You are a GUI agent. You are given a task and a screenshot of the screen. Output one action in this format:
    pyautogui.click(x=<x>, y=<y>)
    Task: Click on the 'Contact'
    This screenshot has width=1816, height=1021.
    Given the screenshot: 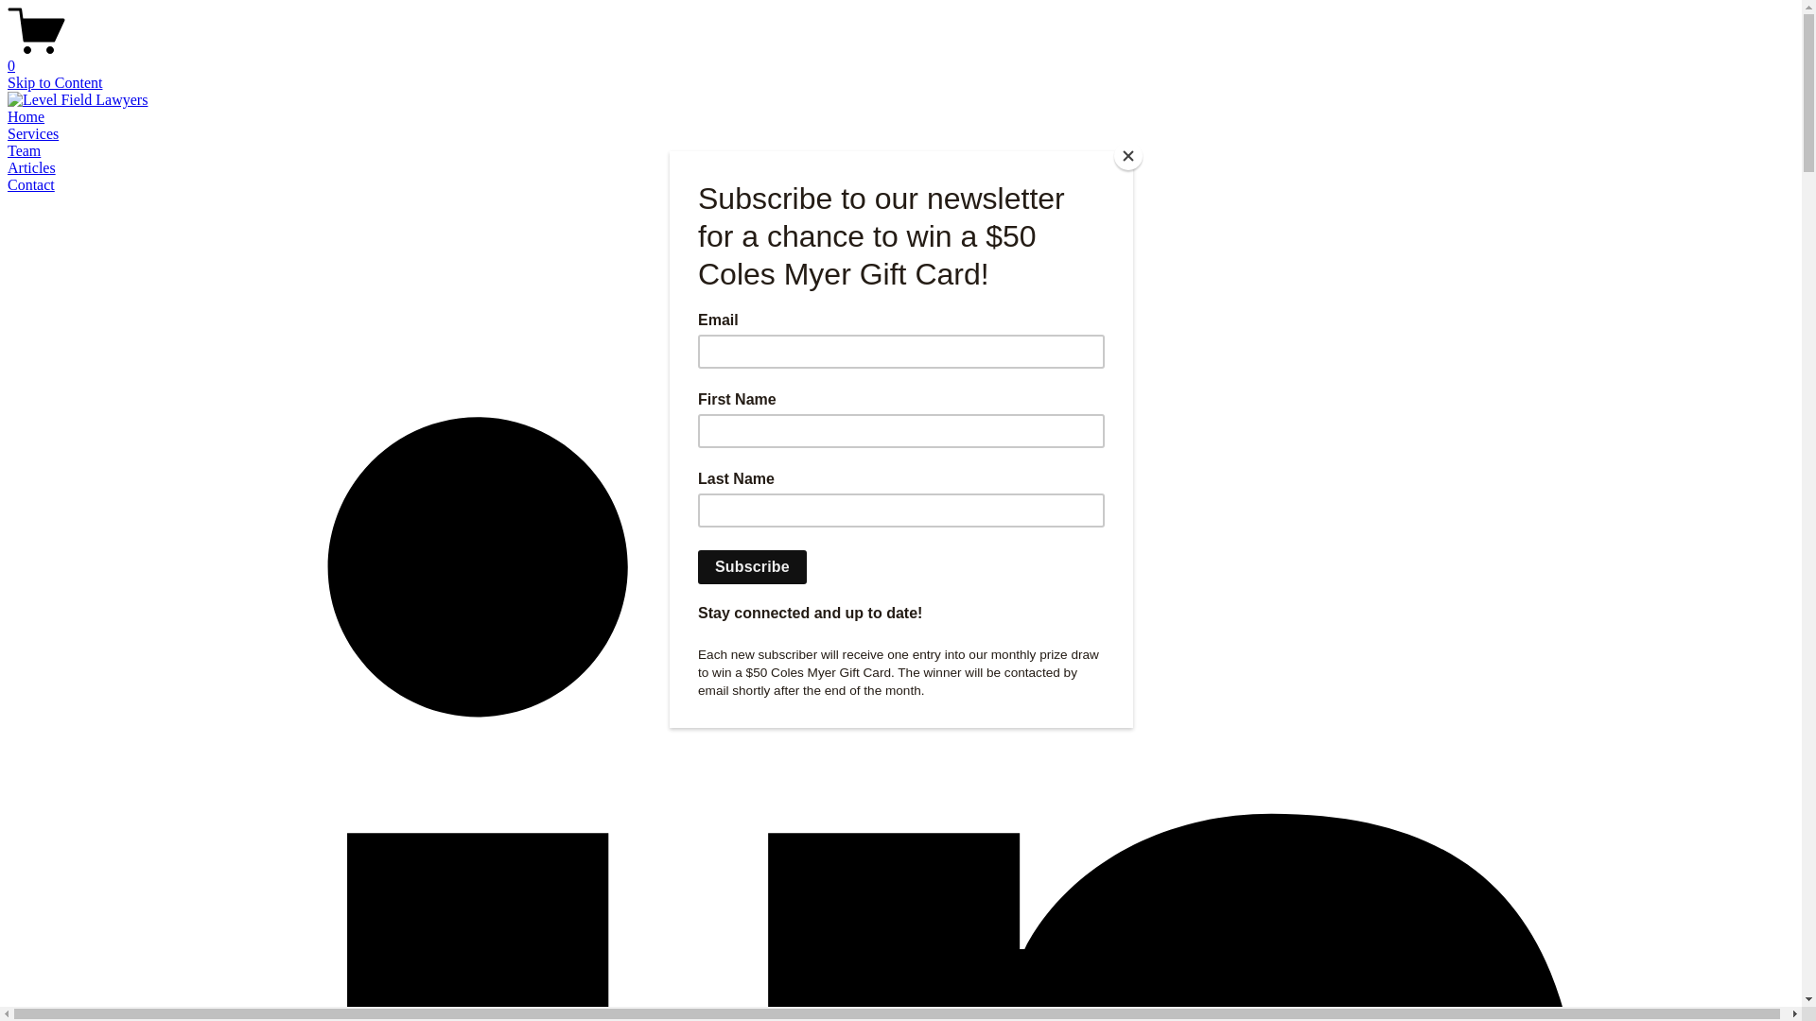 What is the action you would take?
    pyautogui.click(x=31, y=184)
    